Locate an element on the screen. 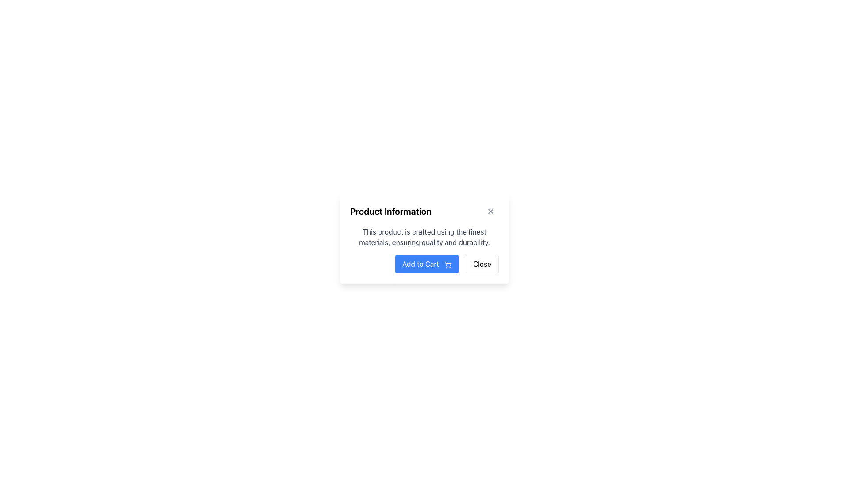  the circular button with a cross (X) symbol inside, located at the top-right corner of the 'Product Information' section is located at coordinates (490, 211).